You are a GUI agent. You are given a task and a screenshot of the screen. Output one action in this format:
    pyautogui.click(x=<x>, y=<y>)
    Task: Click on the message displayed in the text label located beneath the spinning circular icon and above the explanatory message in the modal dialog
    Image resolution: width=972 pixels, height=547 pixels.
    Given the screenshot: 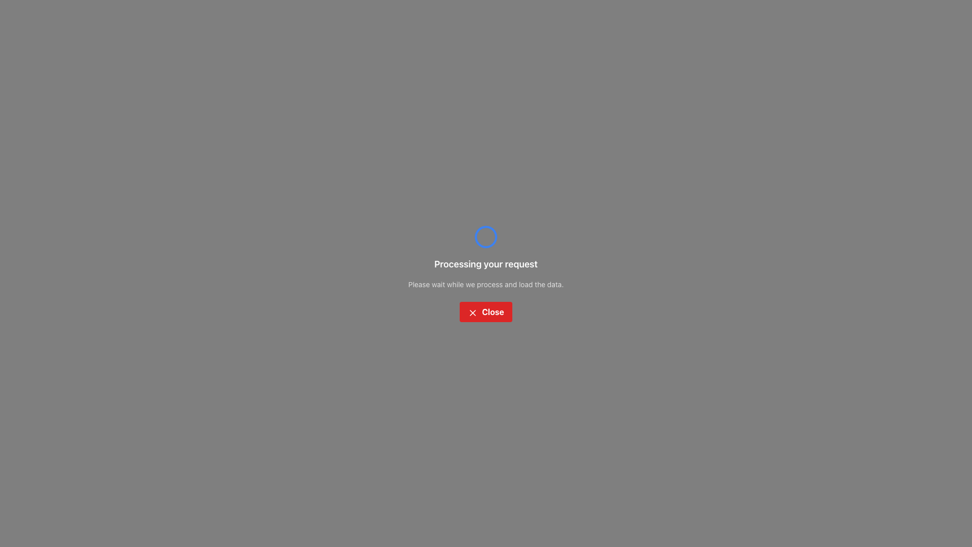 What is the action you would take?
    pyautogui.click(x=486, y=263)
    